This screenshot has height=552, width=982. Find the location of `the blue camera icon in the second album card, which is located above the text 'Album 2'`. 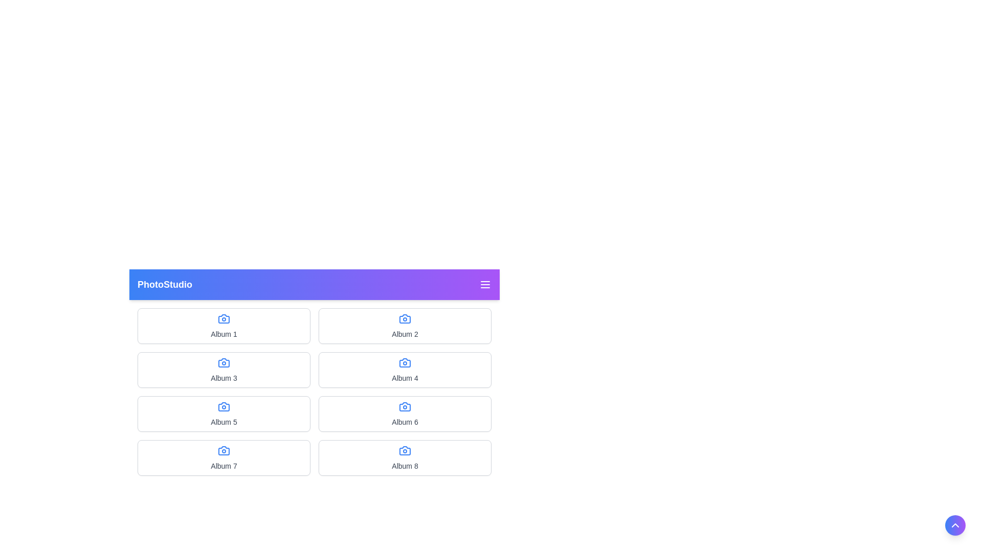

the blue camera icon in the second album card, which is located above the text 'Album 2' is located at coordinates (405, 318).